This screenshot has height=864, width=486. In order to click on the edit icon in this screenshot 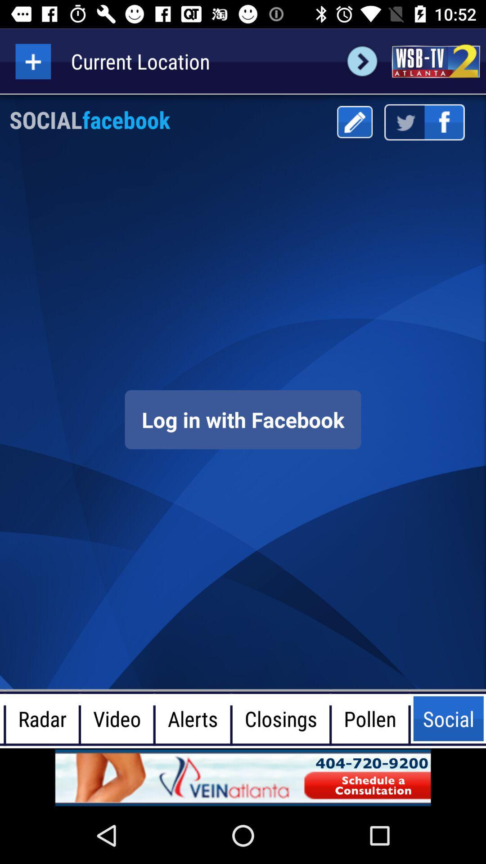, I will do `click(354, 121)`.